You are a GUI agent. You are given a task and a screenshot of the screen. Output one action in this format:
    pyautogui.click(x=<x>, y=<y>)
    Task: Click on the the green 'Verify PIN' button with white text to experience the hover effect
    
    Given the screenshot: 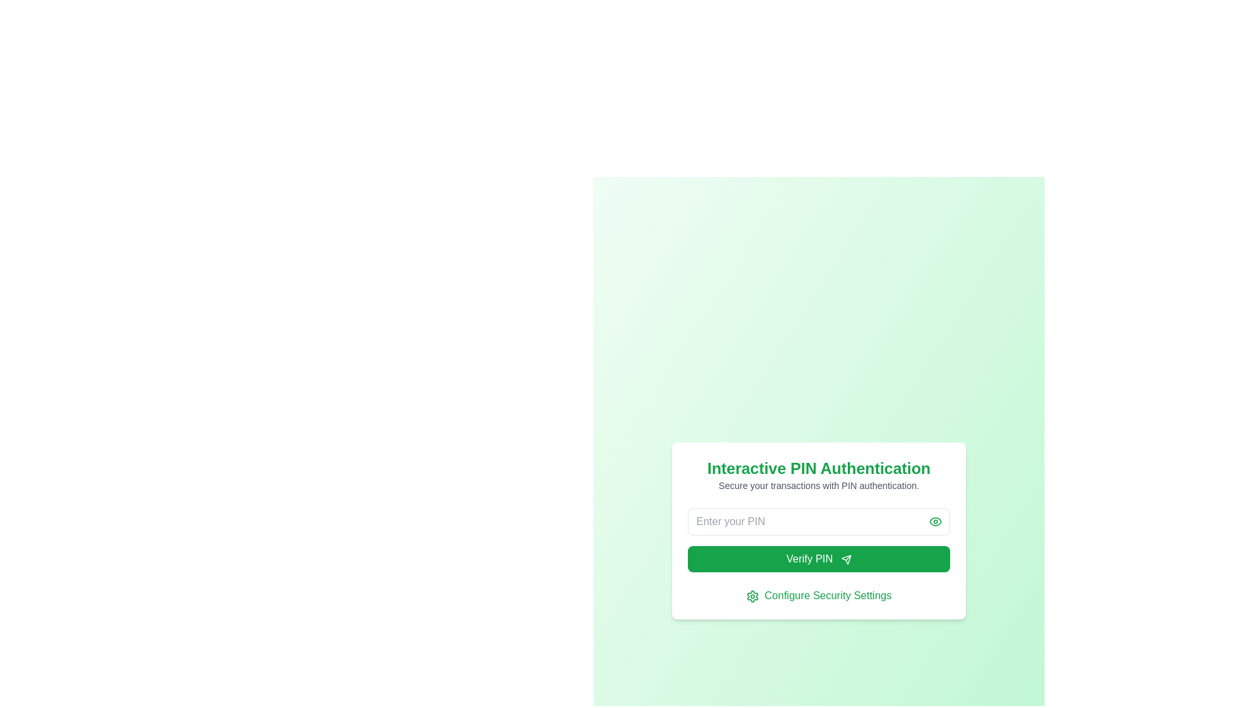 What is the action you would take?
    pyautogui.click(x=818, y=559)
    